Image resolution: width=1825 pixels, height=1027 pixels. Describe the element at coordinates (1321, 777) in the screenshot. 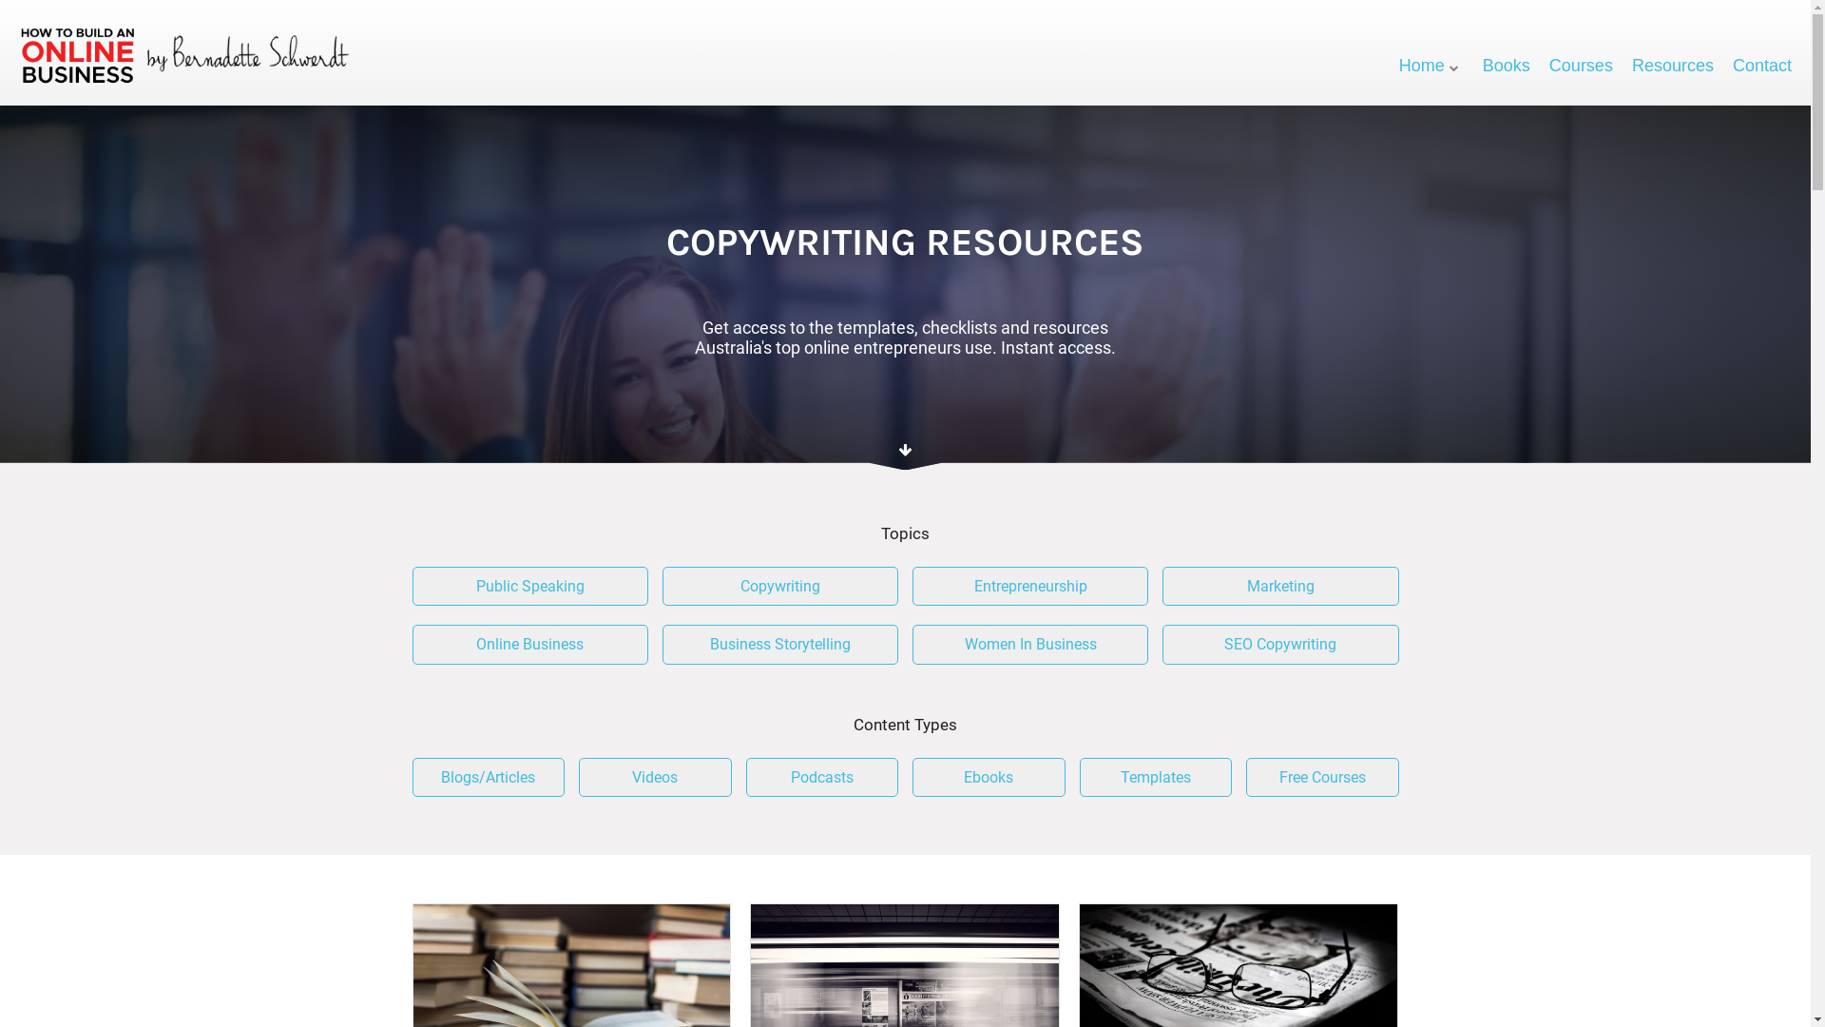

I see `'Free Courses'` at that location.